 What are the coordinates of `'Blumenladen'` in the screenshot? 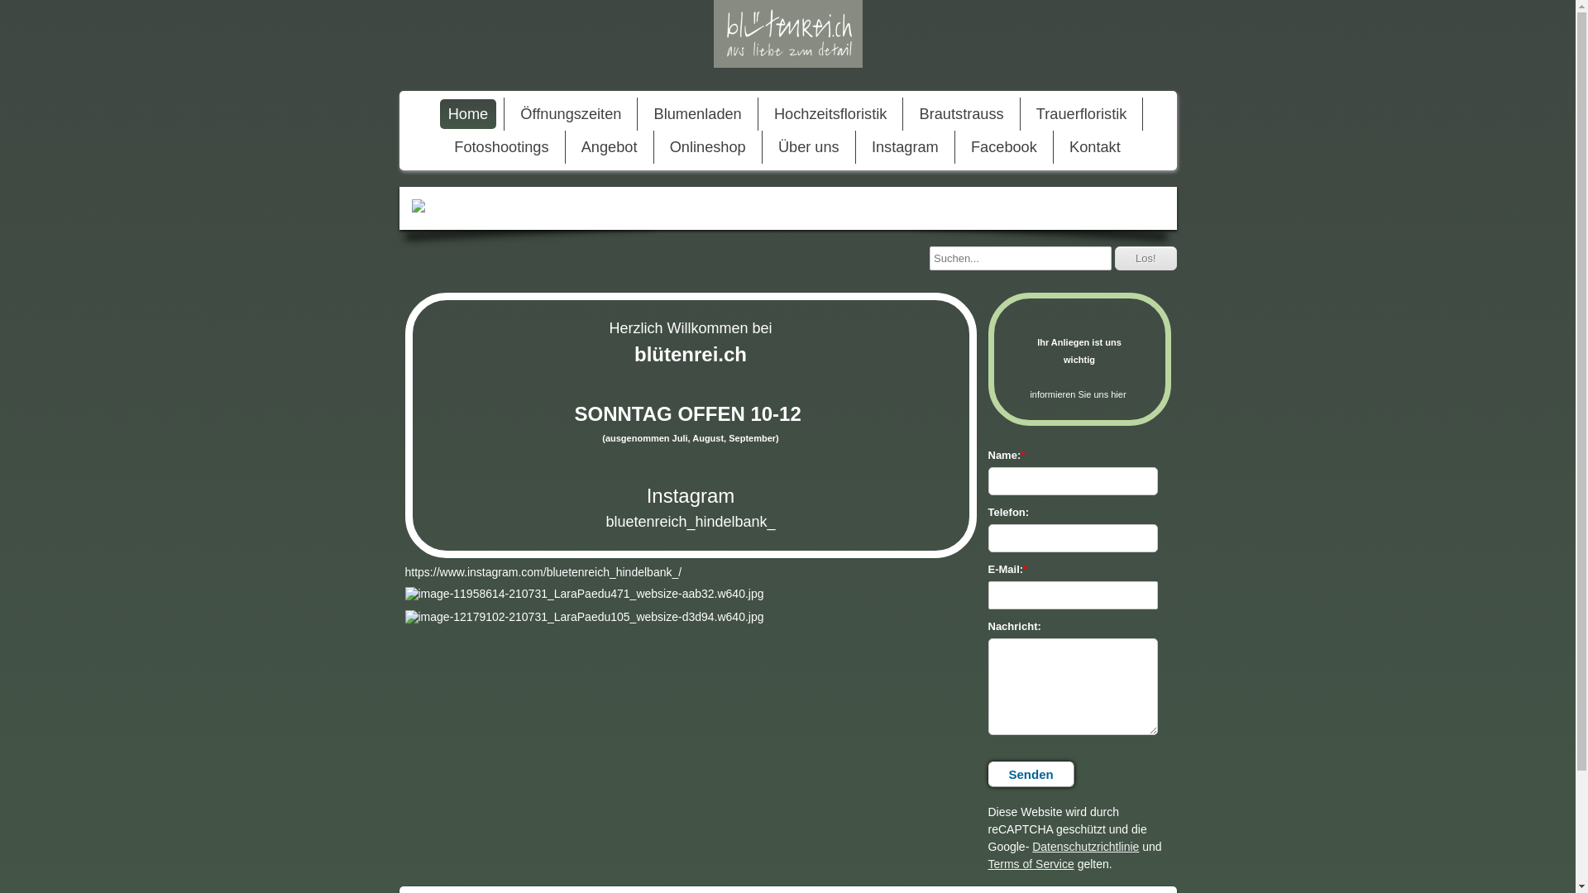 It's located at (698, 113).